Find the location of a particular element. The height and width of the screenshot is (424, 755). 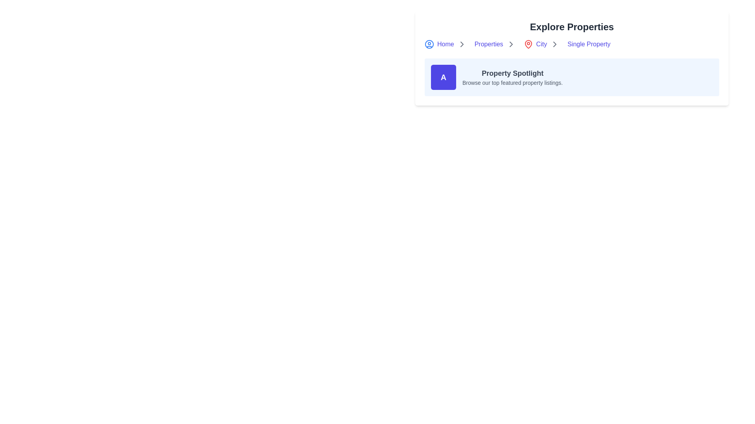

the SVG-based chevron icon in the breadcrumb navigation, which connects 'Properties' and 'City' text labels is located at coordinates (554, 44).